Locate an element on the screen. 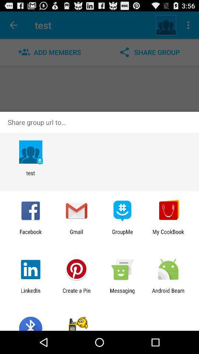 The height and width of the screenshot is (354, 199). item next to the messaging icon is located at coordinates (76, 294).